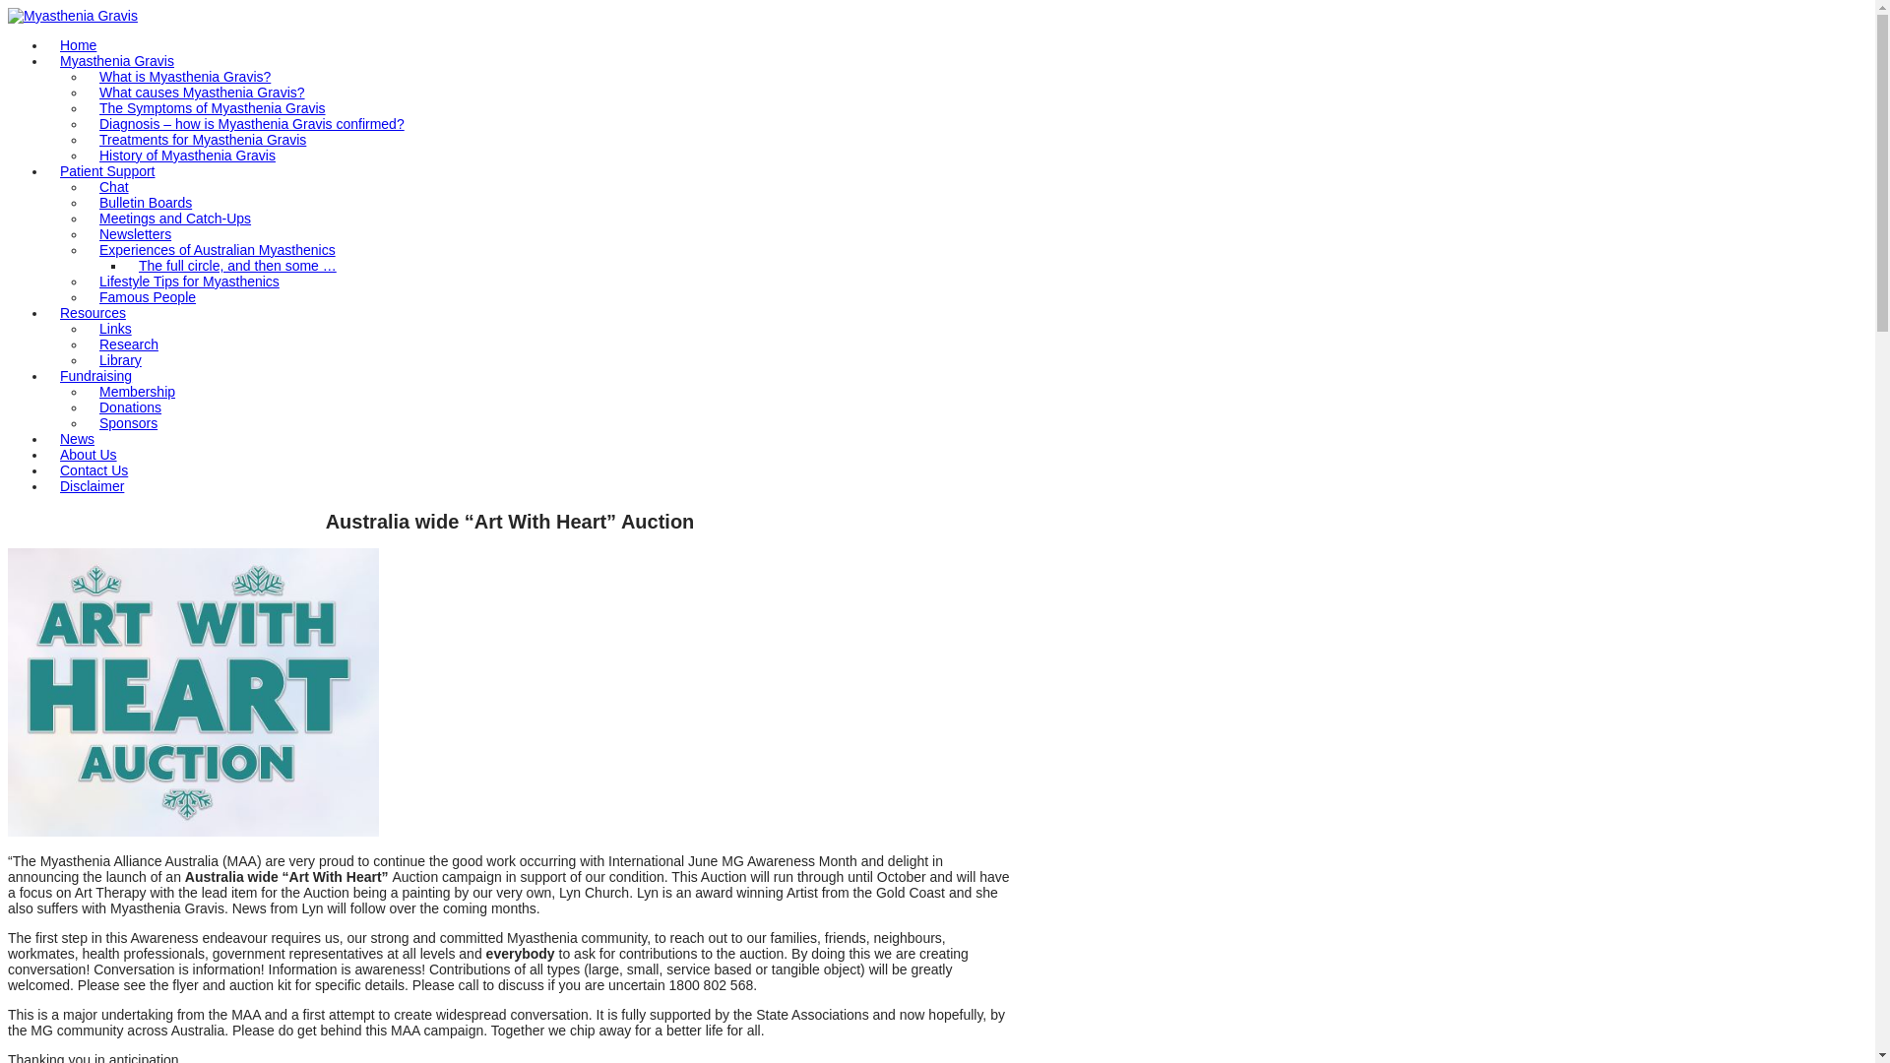 This screenshot has height=1063, width=1890. I want to click on 'Disclaimer', so click(91, 485).